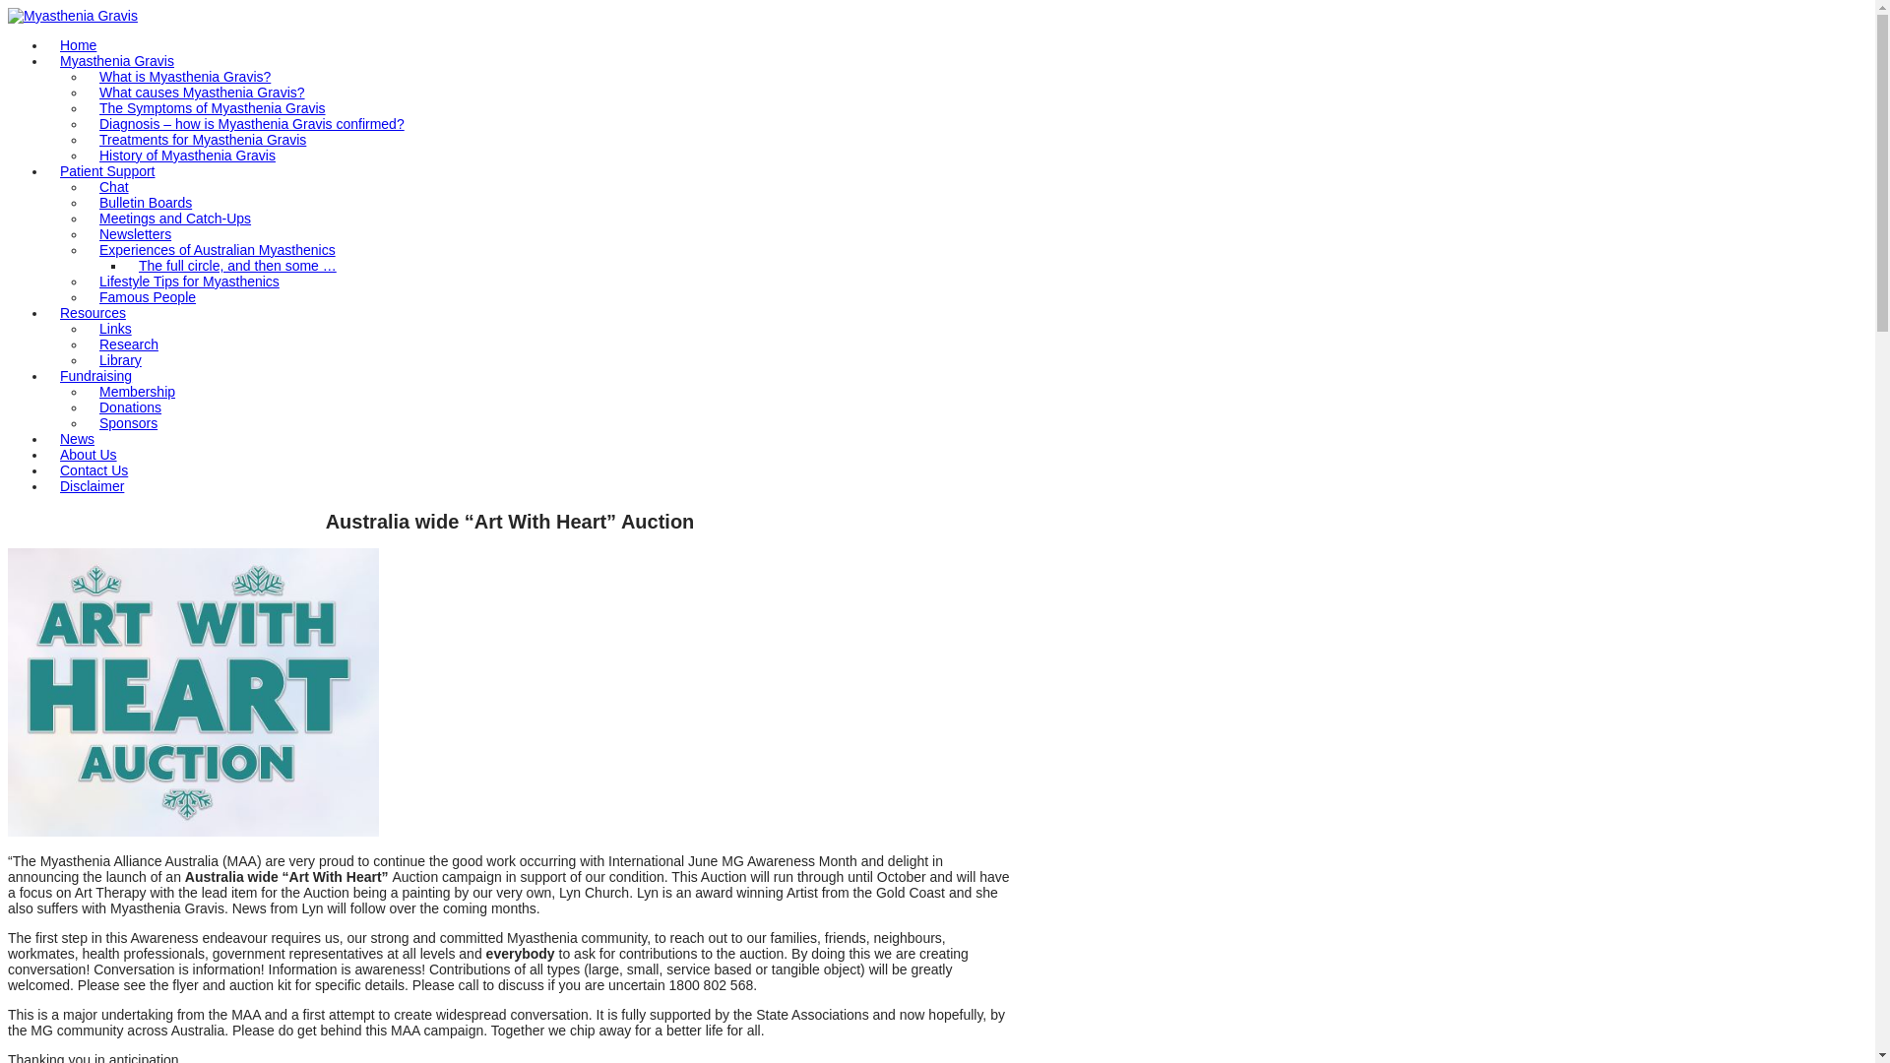 This screenshot has height=1063, width=1890. I want to click on 'Disclaimer', so click(91, 485).